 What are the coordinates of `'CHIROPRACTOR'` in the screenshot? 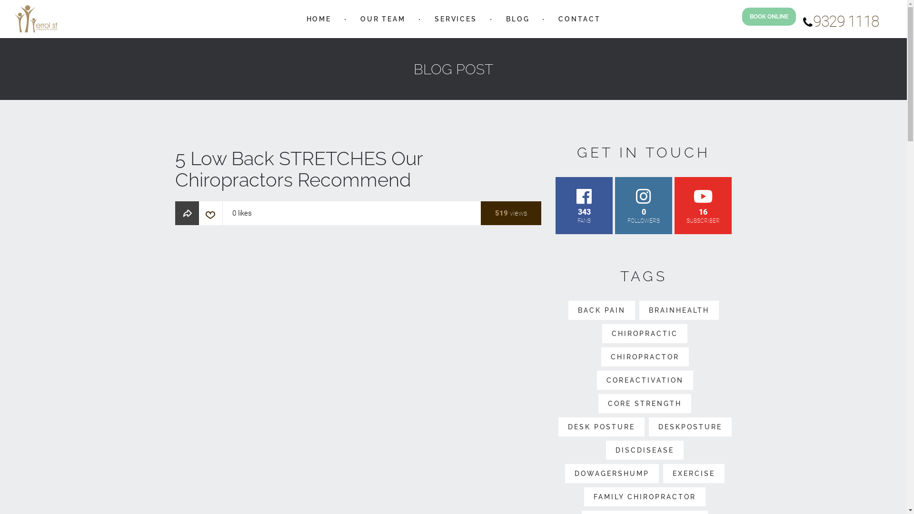 It's located at (645, 356).